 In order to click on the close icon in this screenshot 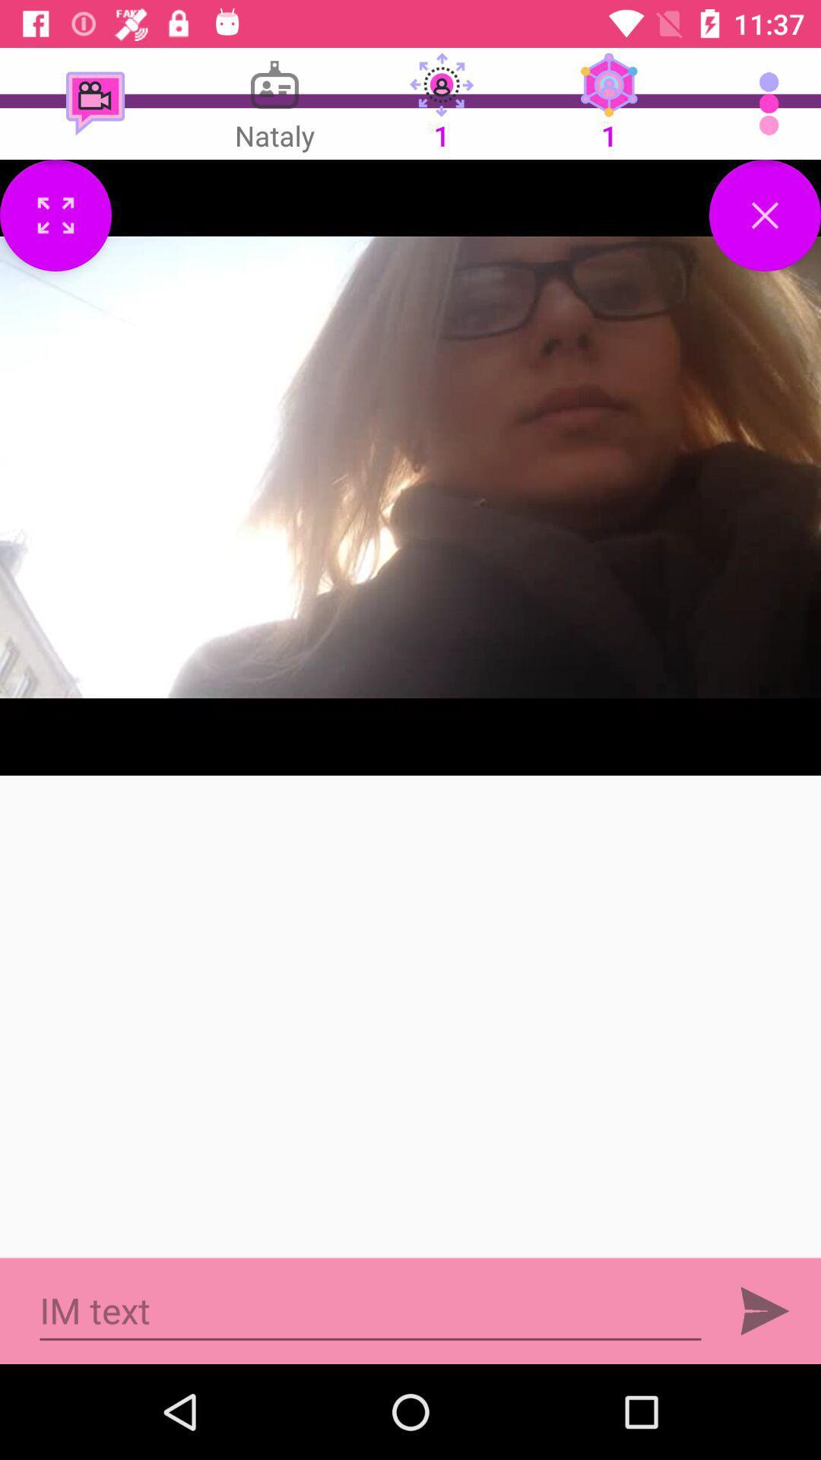, I will do `click(765, 214)`.